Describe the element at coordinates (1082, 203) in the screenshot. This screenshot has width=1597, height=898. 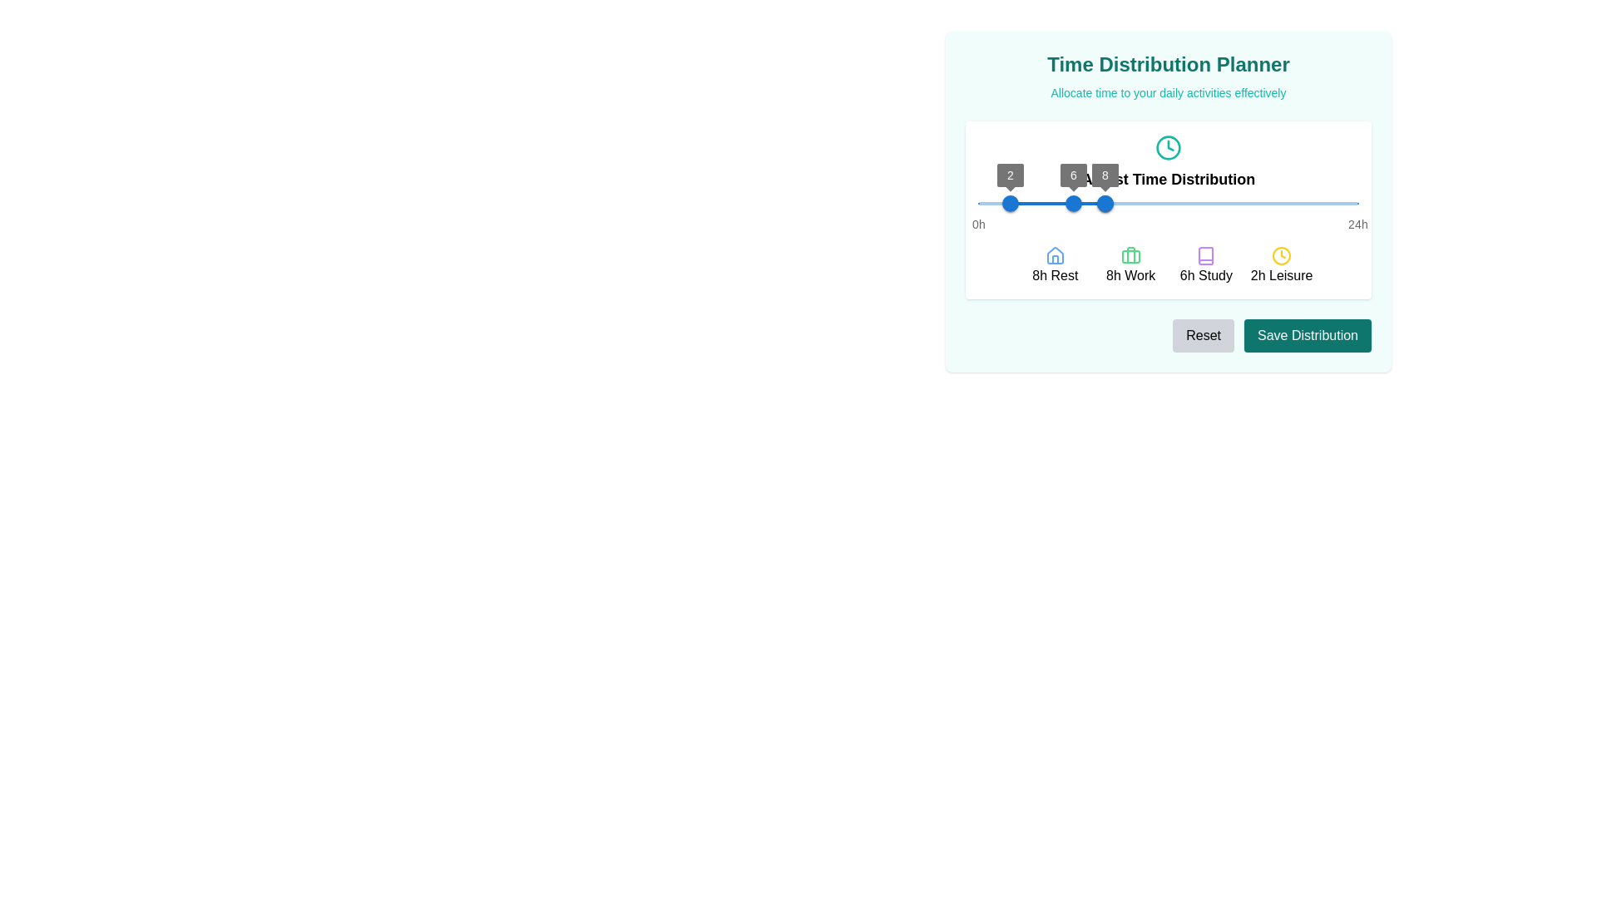
I see `the time slider` at that location.